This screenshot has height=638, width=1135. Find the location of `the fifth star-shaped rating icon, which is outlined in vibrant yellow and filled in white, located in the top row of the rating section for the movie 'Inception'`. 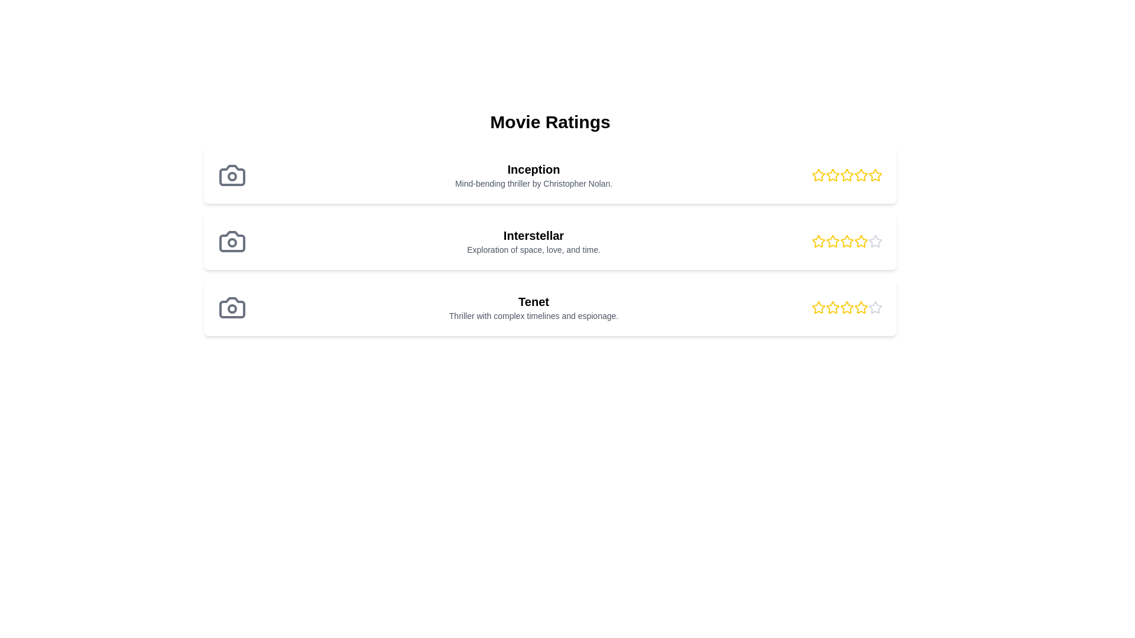

the fifth star-shaped rating icon, which is outlined in vibrant yellow and filled in white, located in the top row of the rating section for the movie 'Inception' is located at coordinates (875, 175).